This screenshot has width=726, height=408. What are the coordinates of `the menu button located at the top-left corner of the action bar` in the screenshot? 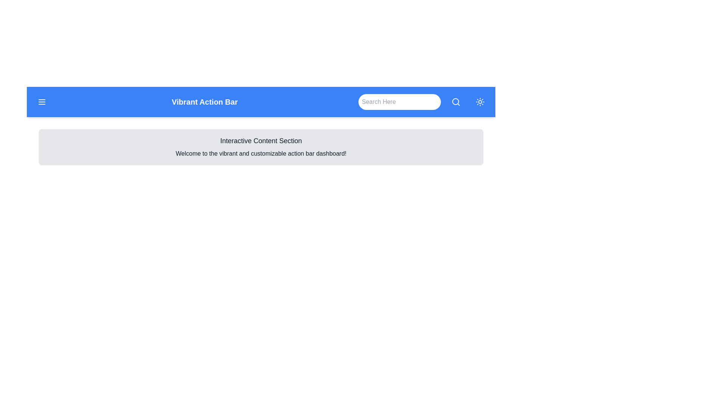 It's located at (41, 102).